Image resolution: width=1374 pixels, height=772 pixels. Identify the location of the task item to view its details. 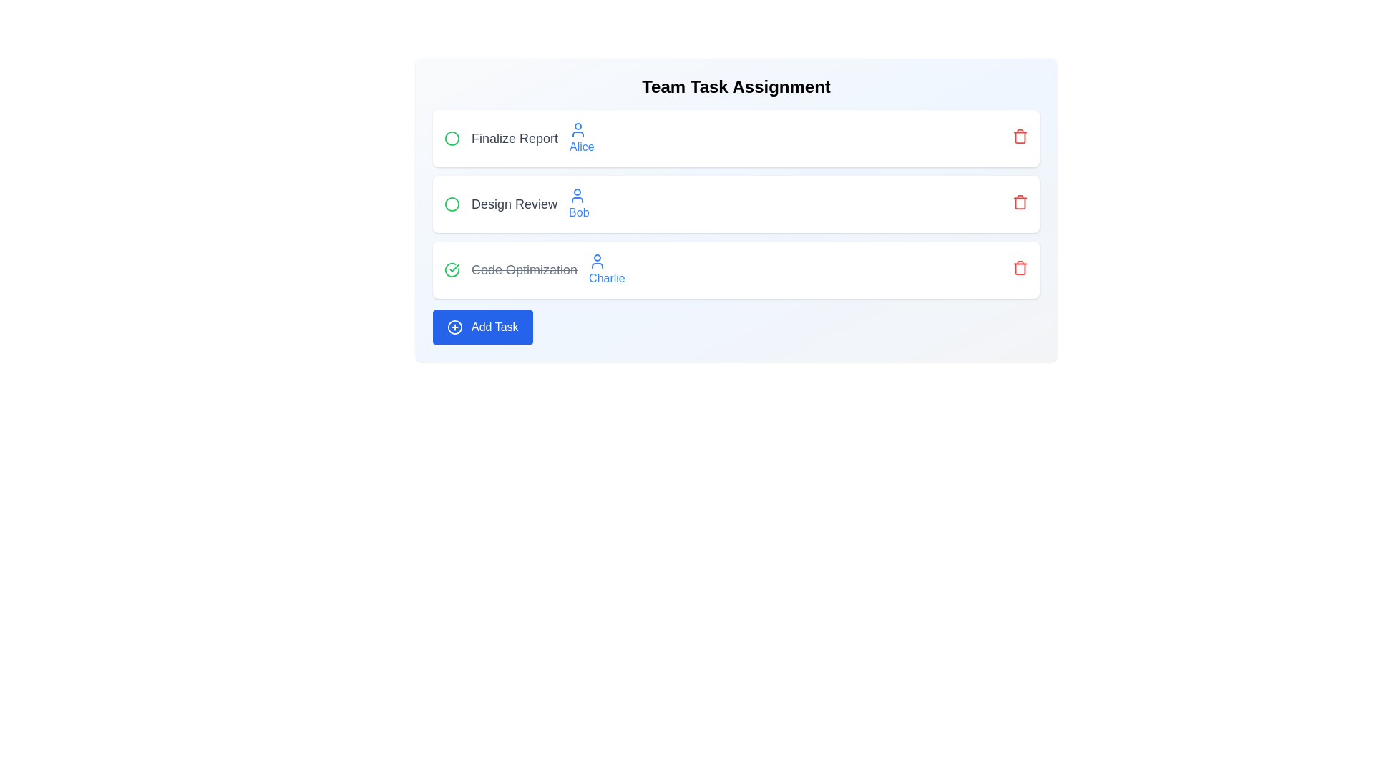
(517, 138).